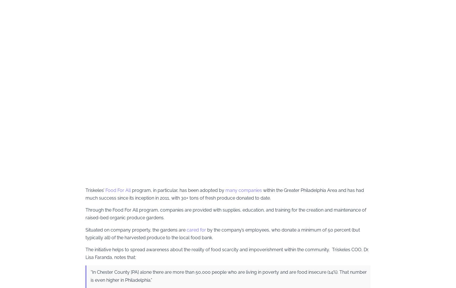 Image resolution: width=456 pixels, height=288 pixels. What do you see at coordinates (178, 190) in the screenshot?
I see `'program, in particular, has been adopted by'` at bounding box center [178, 190].